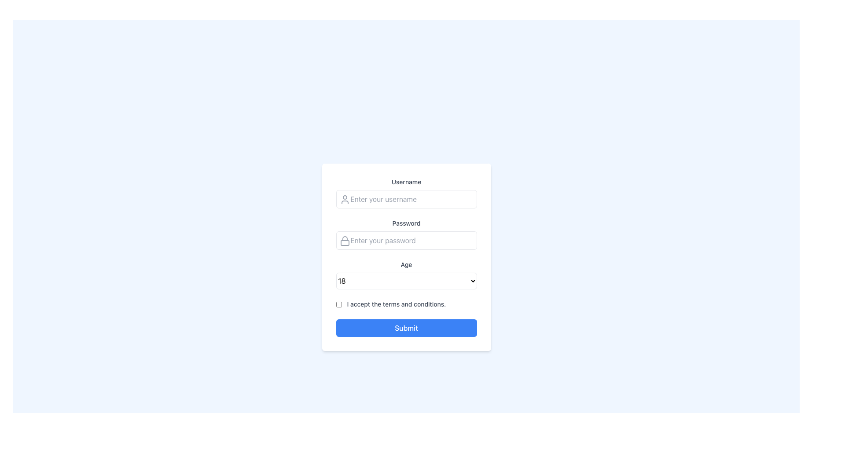  I want to click on a value from the age dropdown menu, which is the third input field in the form located below the Password field and above the terms and conditions checkbox, so click(406, 274).